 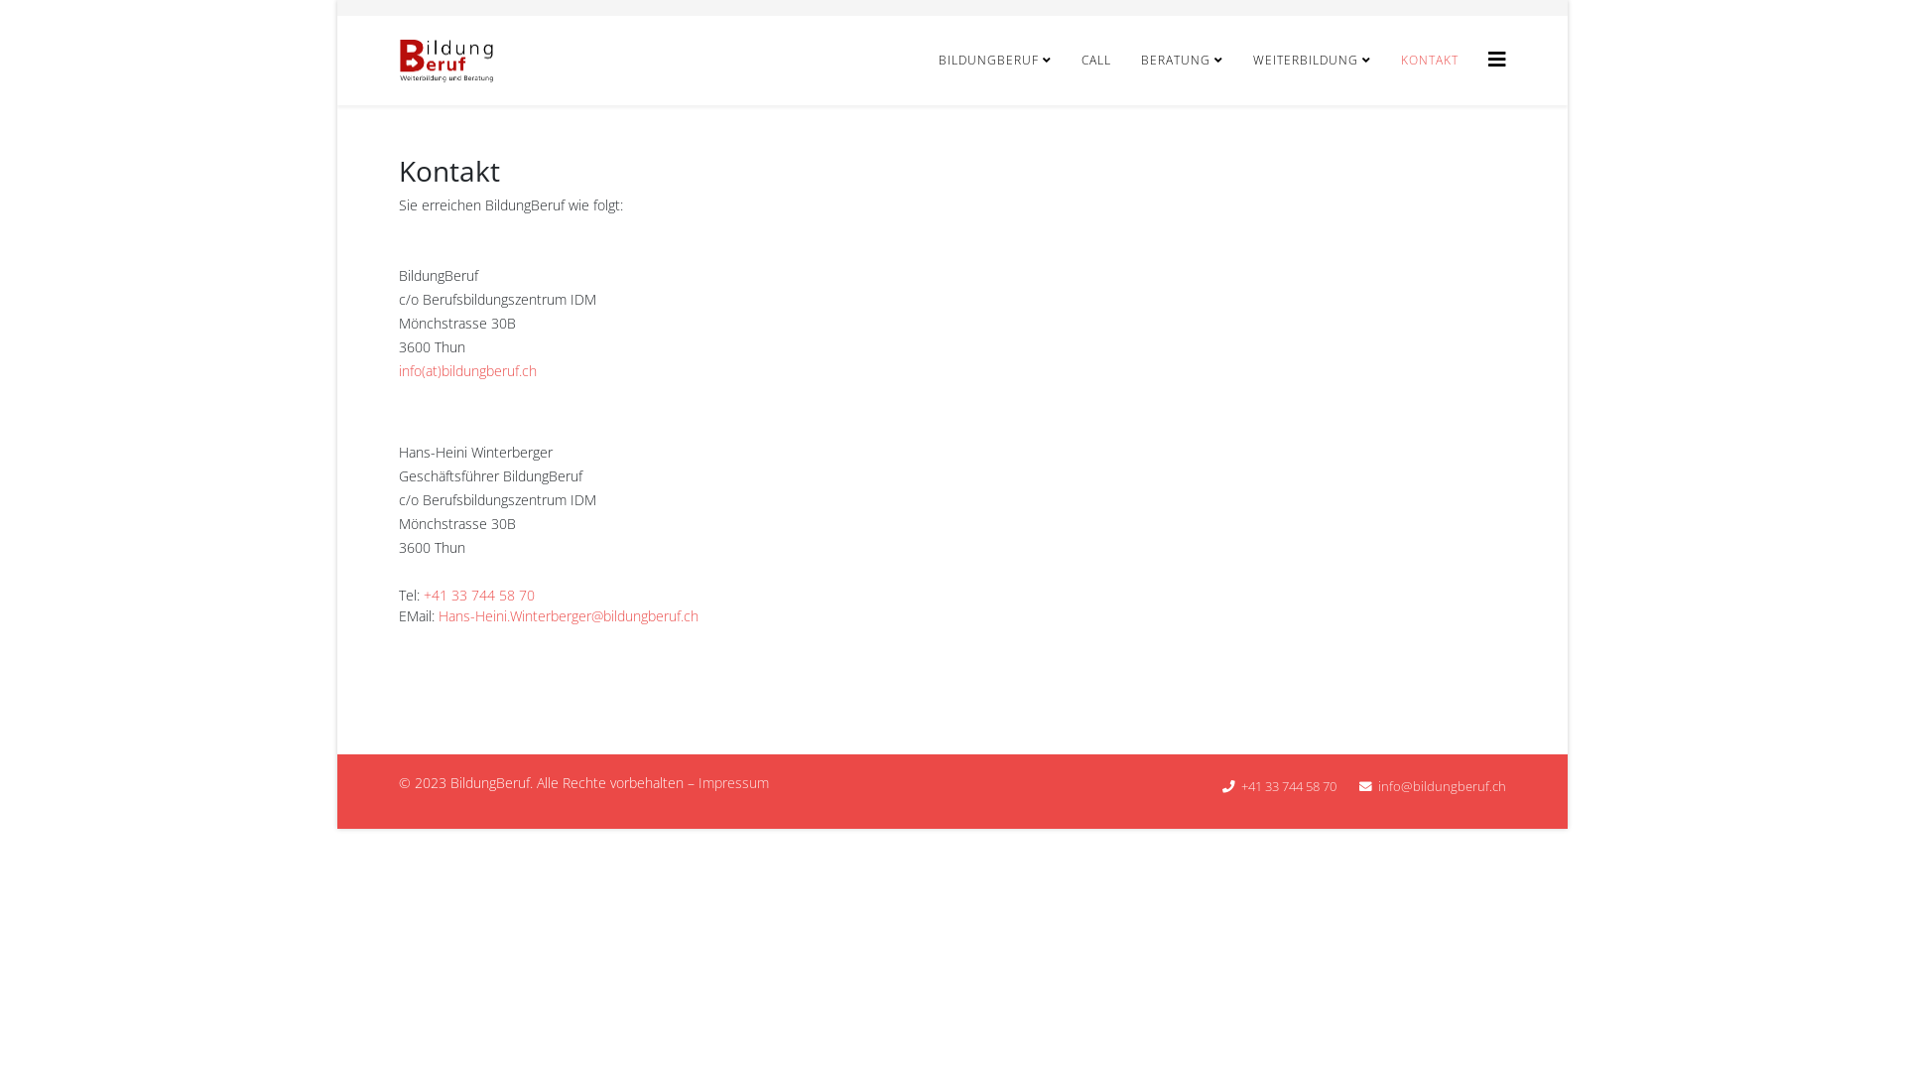 What do you see at coordinates (398, 370) in the screenshot?
I see `'info(at)bildungberuf.ch'` at bounding box center [398, 370].